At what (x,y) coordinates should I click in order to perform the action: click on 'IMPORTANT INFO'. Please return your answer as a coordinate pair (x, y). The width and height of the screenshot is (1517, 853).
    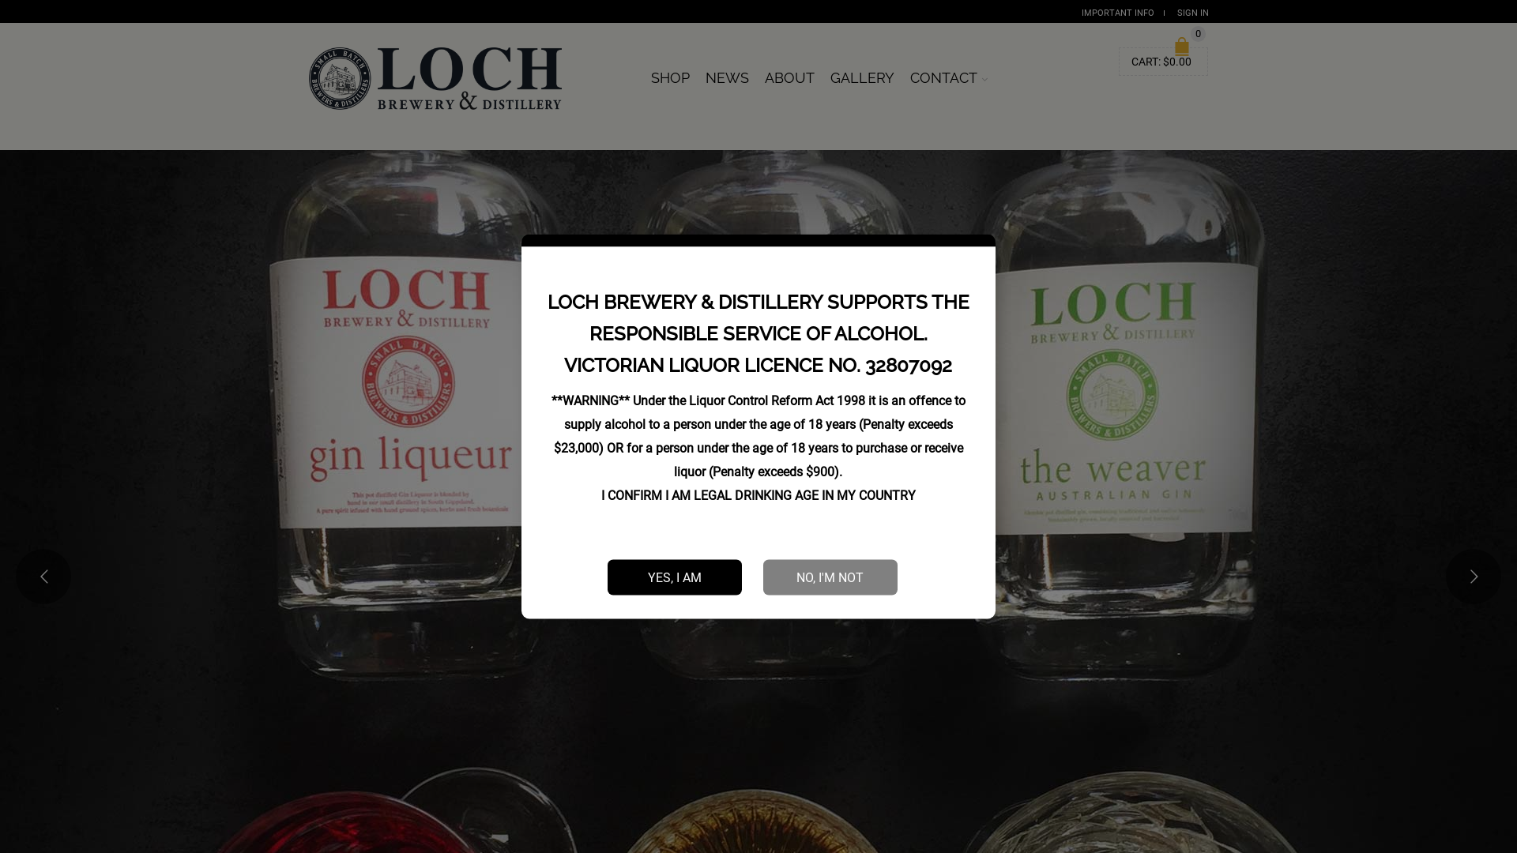
    Looking at the image, I should click on (1117, 13).